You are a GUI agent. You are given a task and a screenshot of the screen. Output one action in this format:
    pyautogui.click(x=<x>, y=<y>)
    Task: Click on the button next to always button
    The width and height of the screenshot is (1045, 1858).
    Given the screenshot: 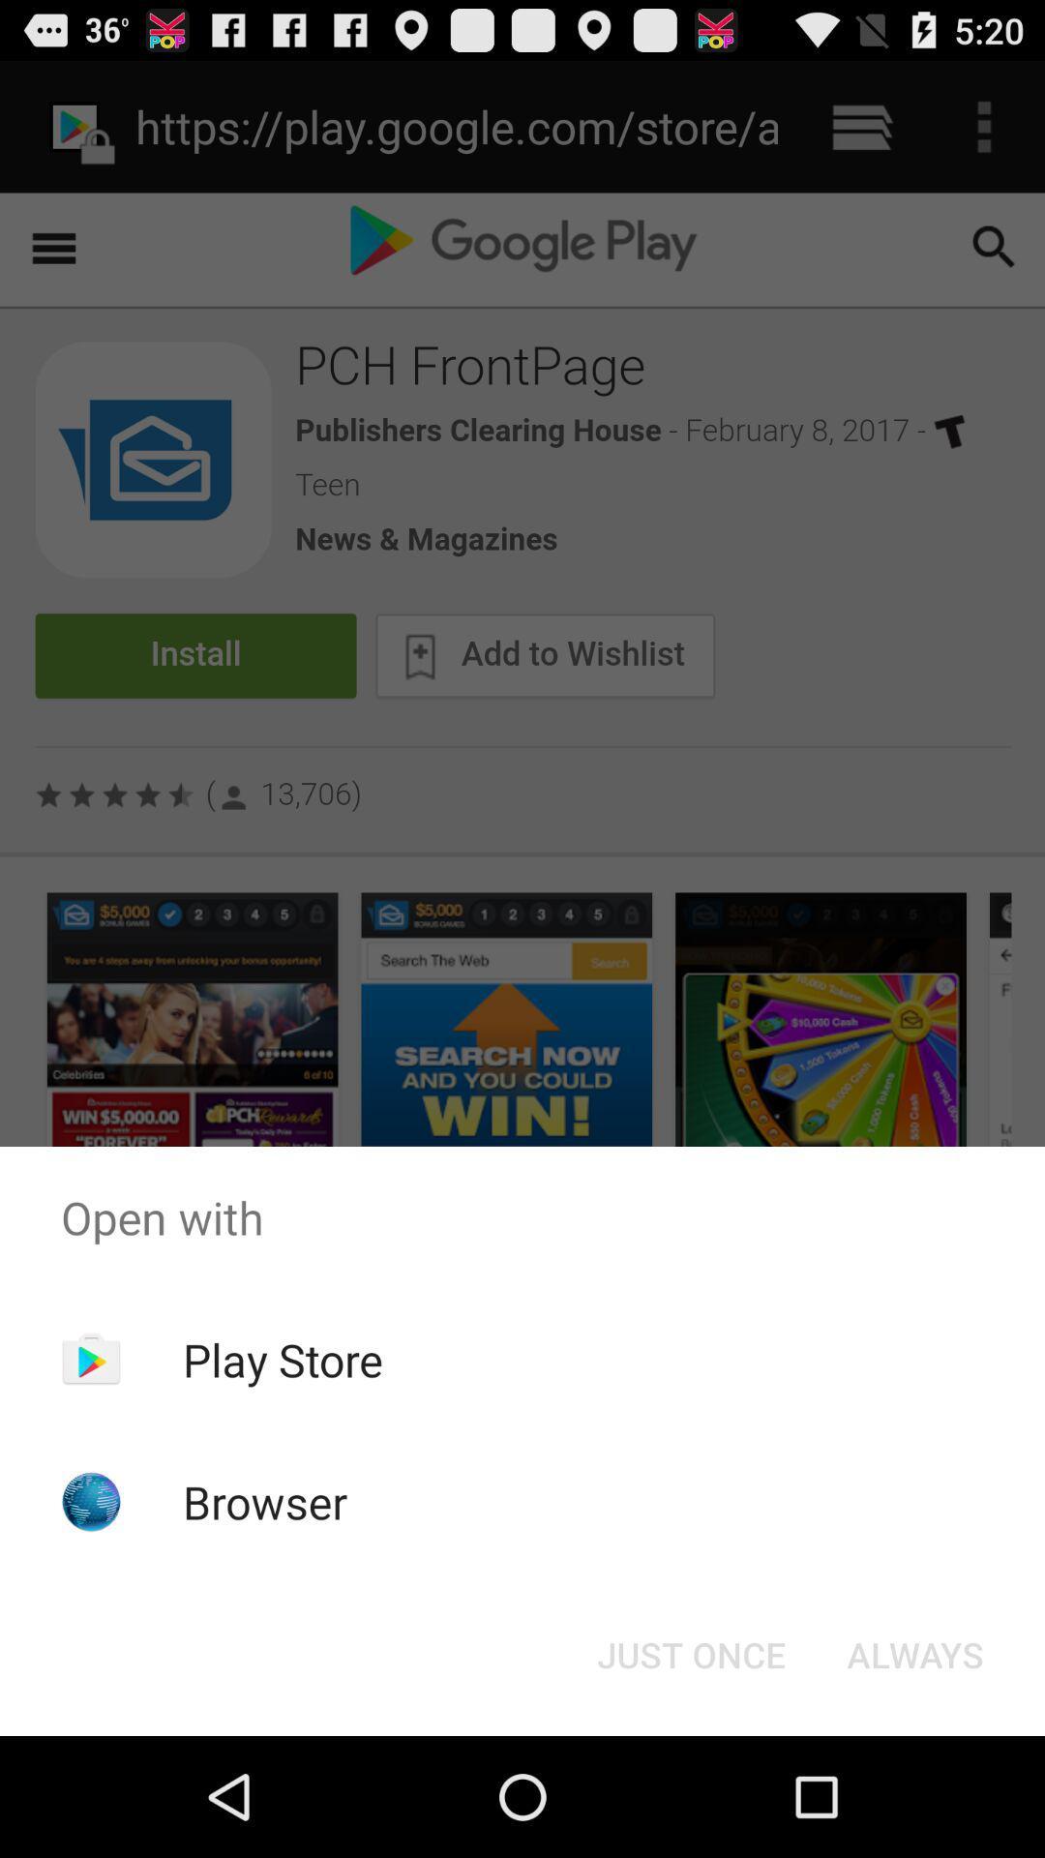 What is the action you would take?
    pyautogui.click(x=690, y=1653)
    